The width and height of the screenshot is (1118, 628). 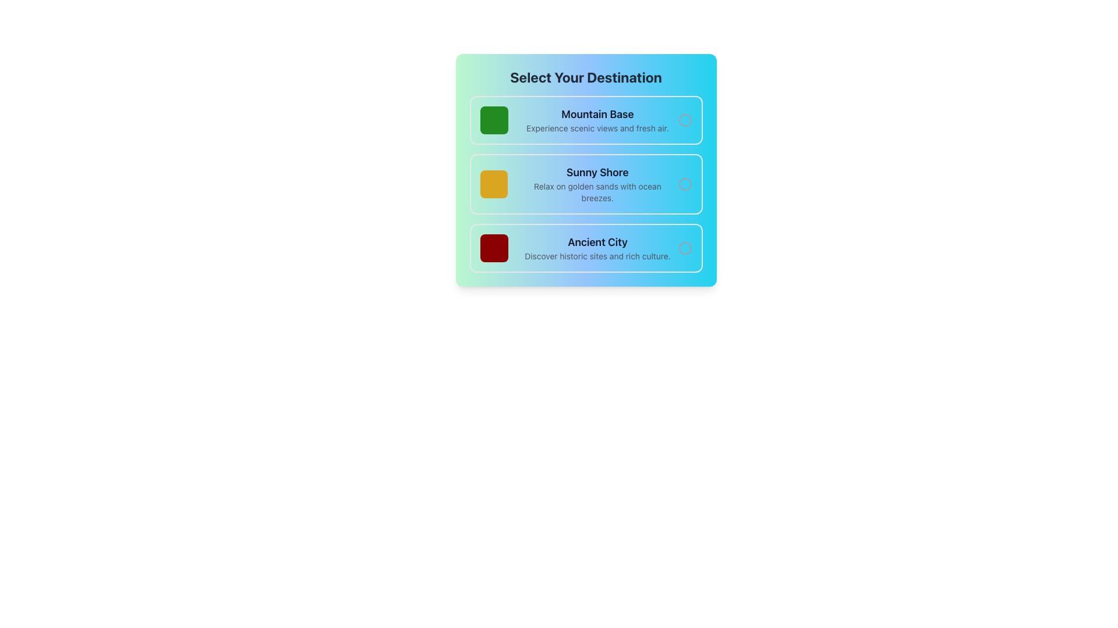 What do you see at coordinates (685, 248) in the screenshot?
I see `the smaller inner gray circle located centrally within a larger icon, positioned to the right of the 'Ancient City' option in the list` at bounding box center [685, 248].